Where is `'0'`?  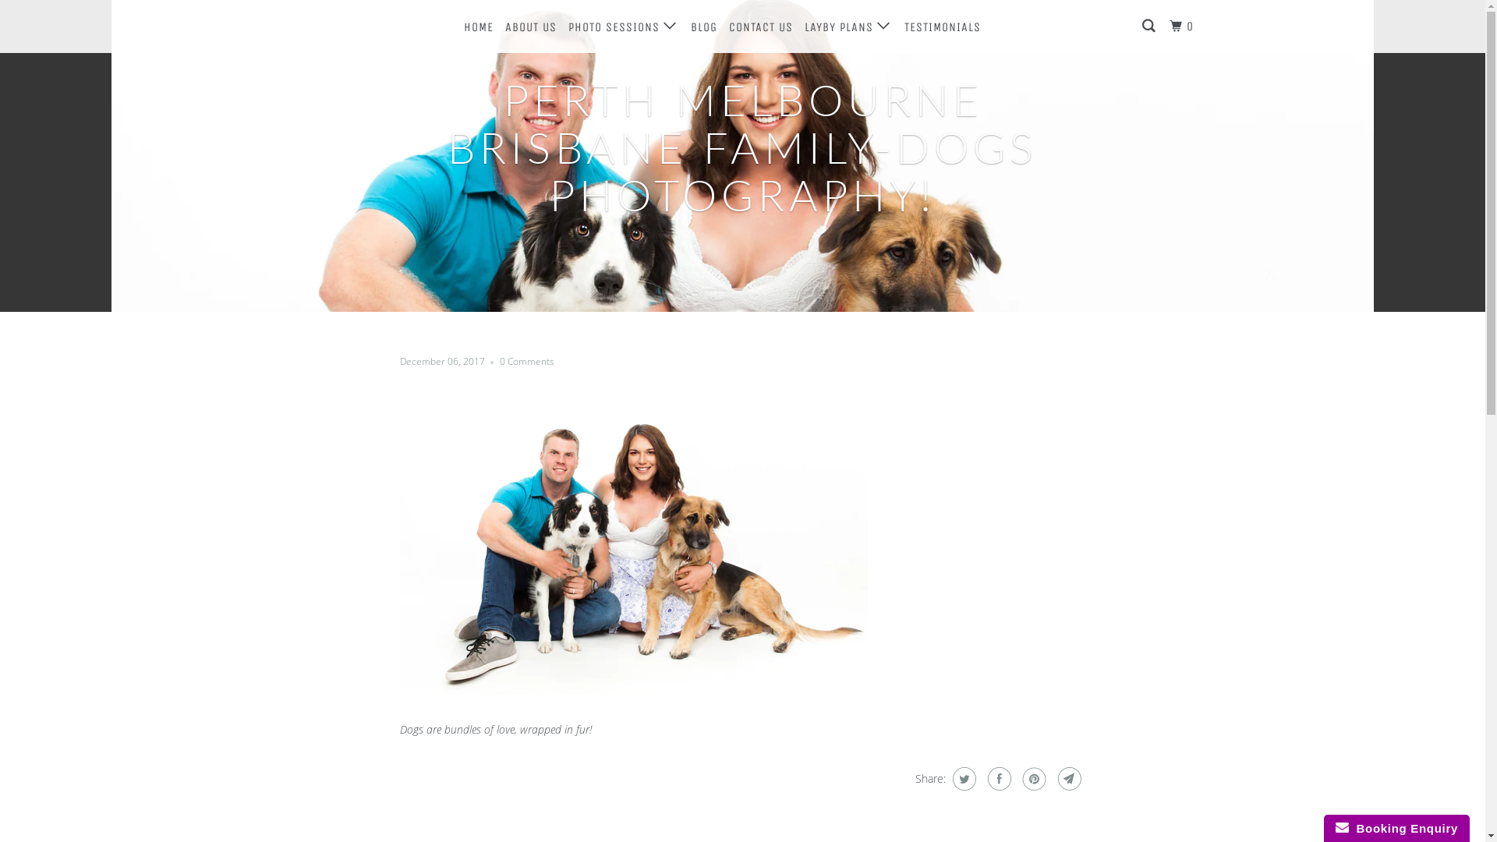
'0' is located at coordinates (1183, 27).